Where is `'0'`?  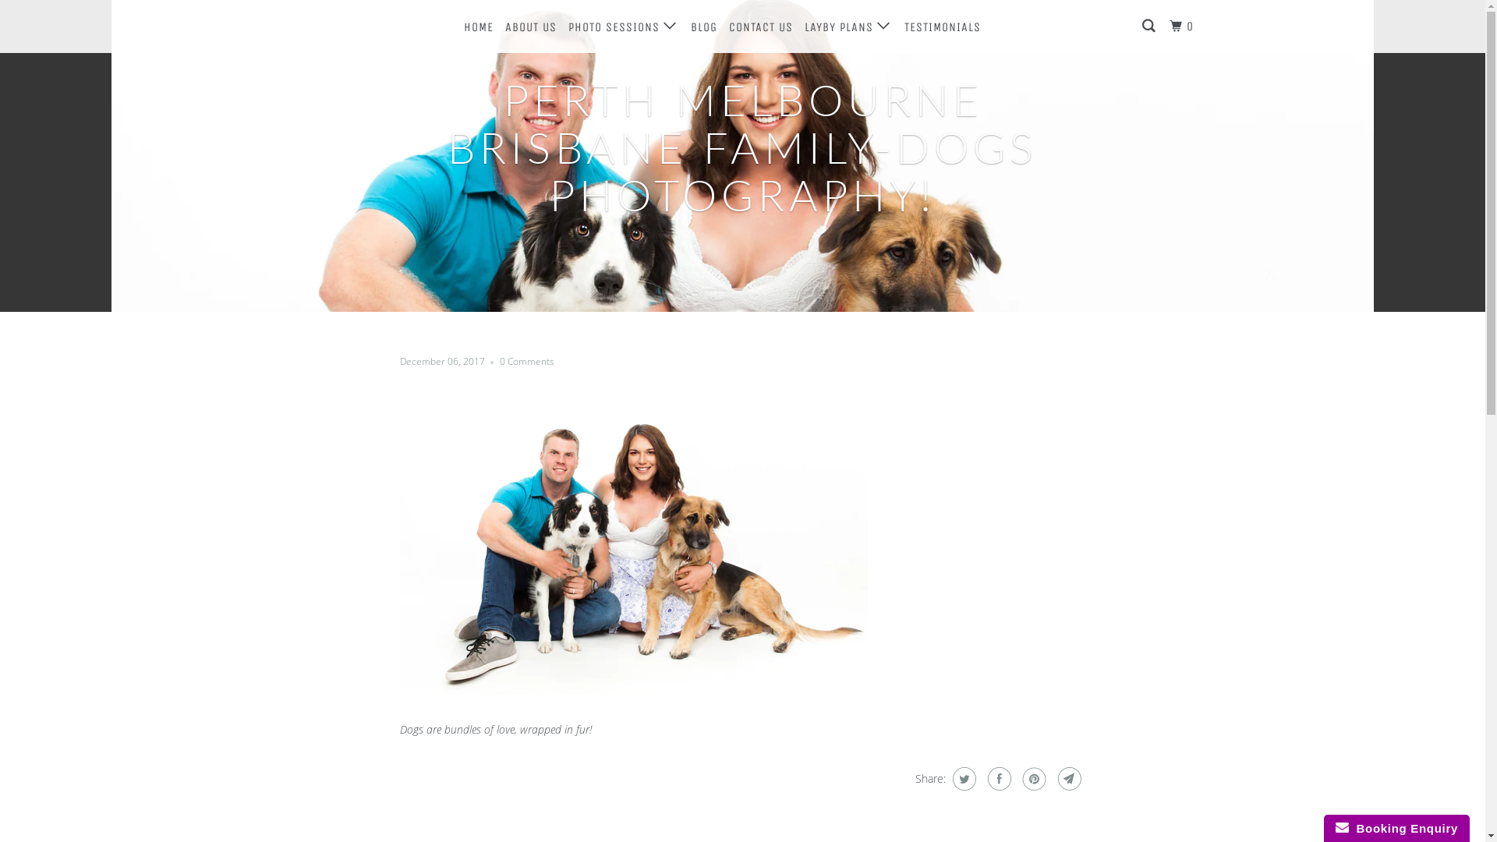
'0' is located at coordinates (1183, 27).